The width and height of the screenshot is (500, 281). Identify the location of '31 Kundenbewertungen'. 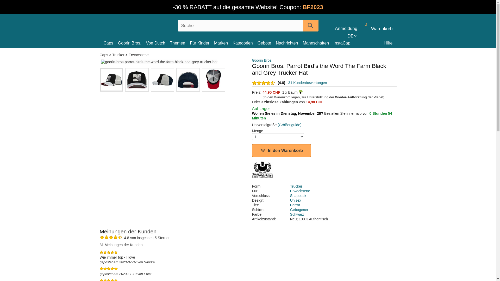
(308, 82).